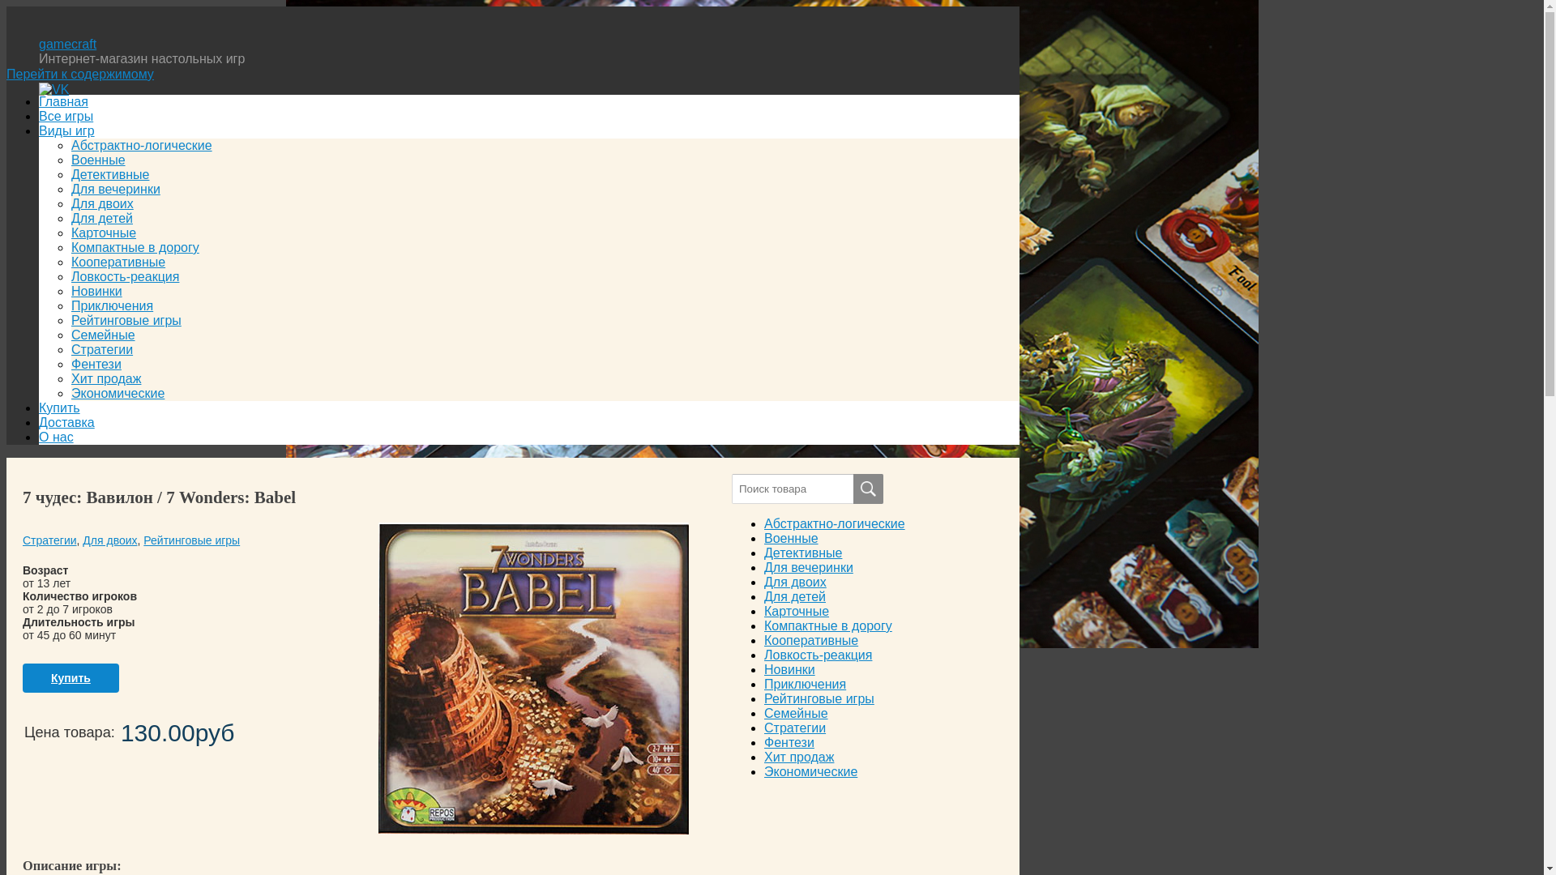 The height and width of the screenshot is (875, 1556). I want to click on 'gamecraft', so click(66, 43).